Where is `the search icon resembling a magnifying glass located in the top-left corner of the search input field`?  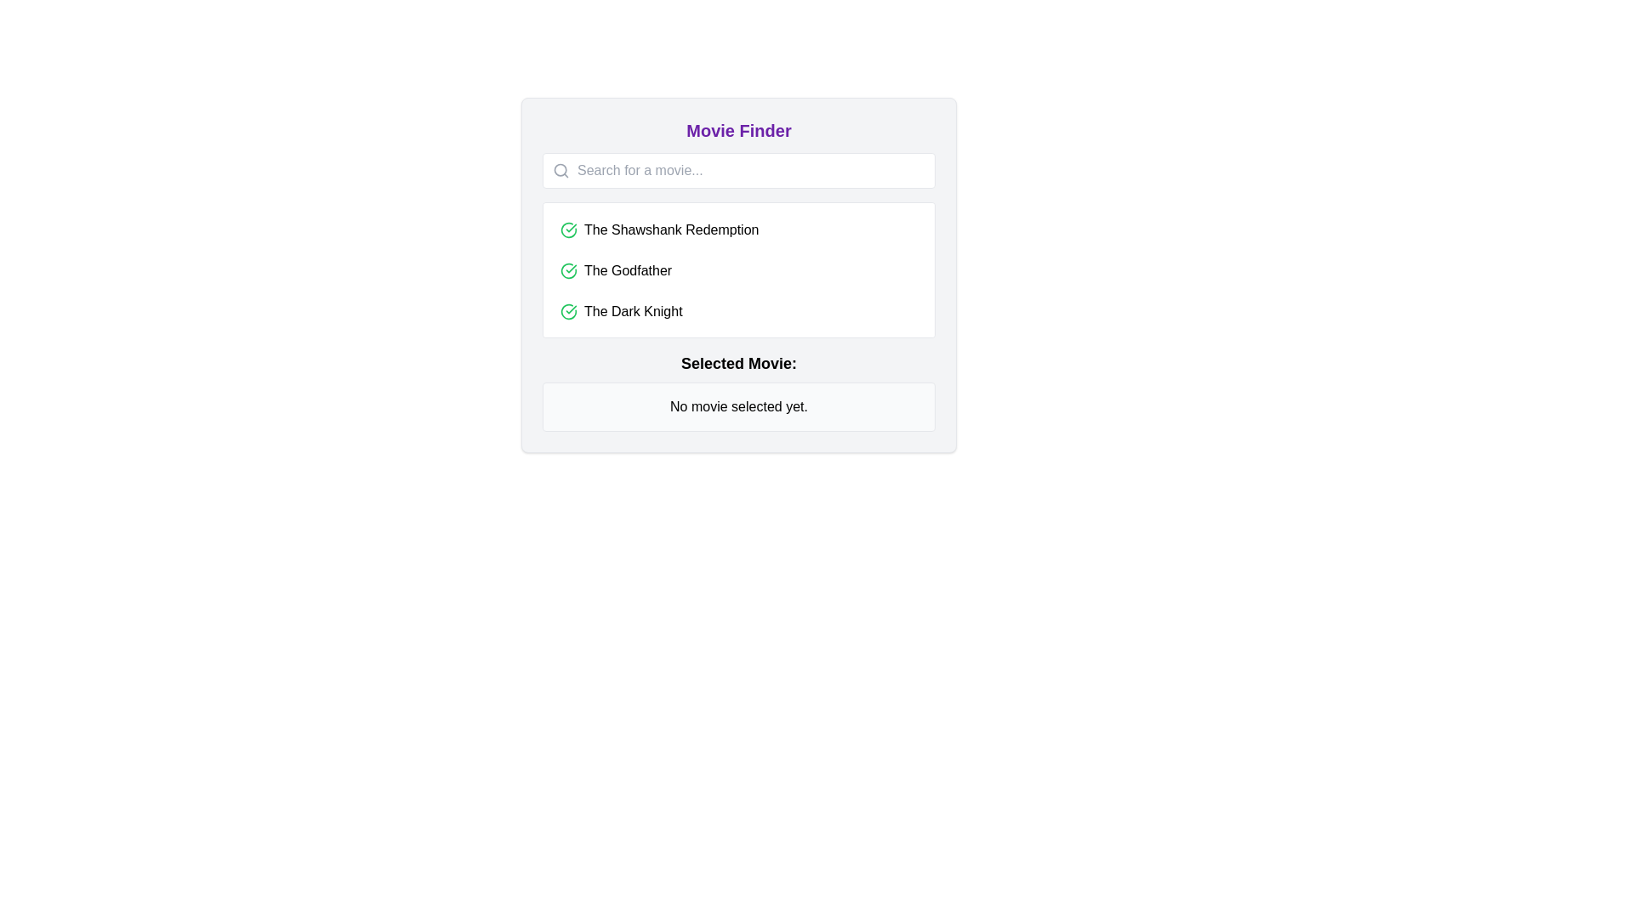 the search icon resembling a magnifying glass located in the top-left corner of the search input field is located at coordinates (561, 170).